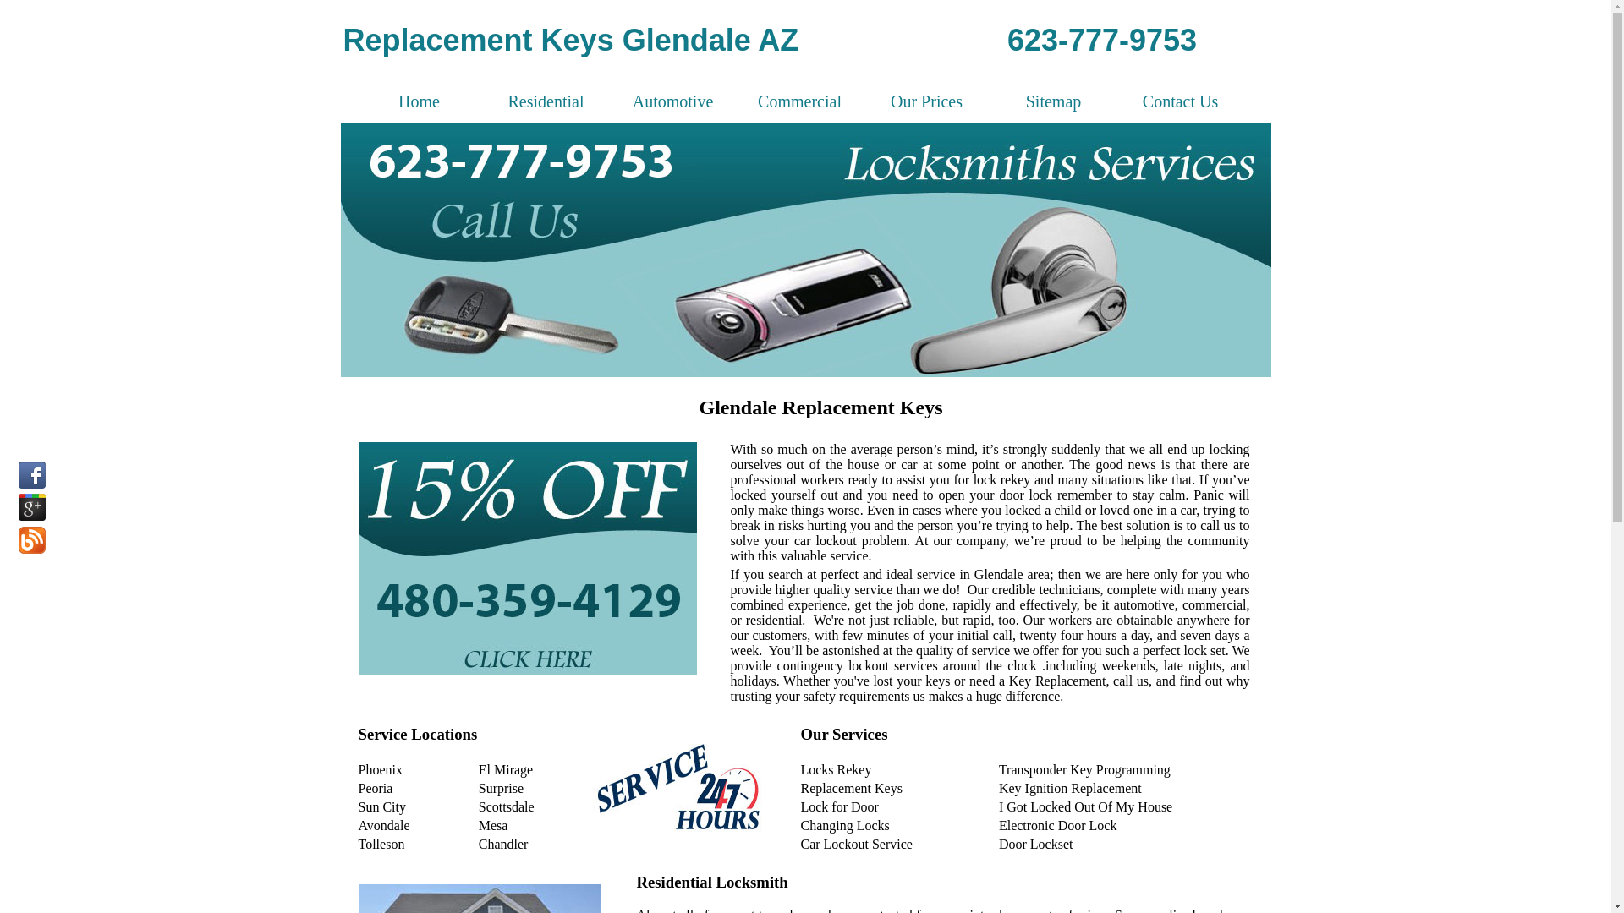  Describe the element at coordinates (355, 101) in the screenshot. I see `'Home'` at that location.